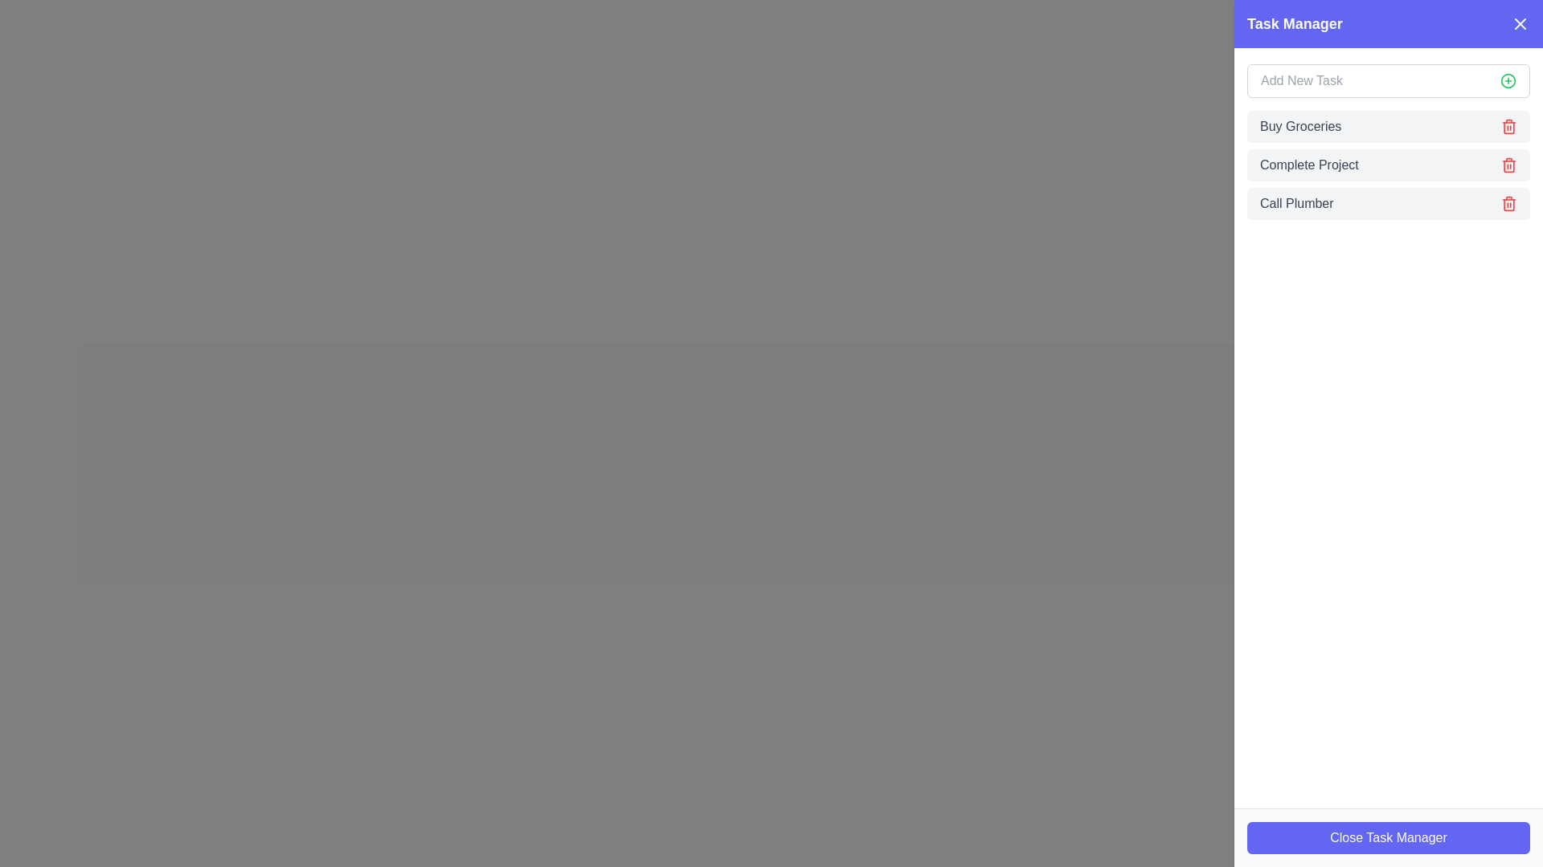 The width and height of the screenshot is (1543, 867). Describe the element at coordinates (1295, 24) in the screenshot. I see `the bold title 'Task Manager' located at the top-left corner of the sidebar panel with a white foreground color against a purple background` at that location.